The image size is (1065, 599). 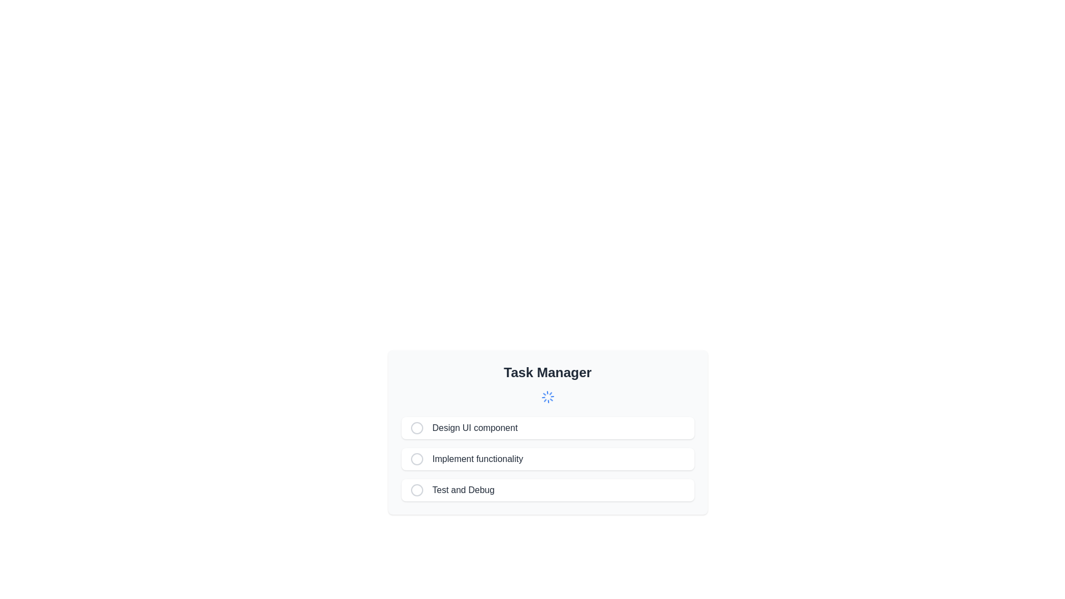 I want to click on the circular marker in the 'Task Manager' section, so click(x=416, y=489).